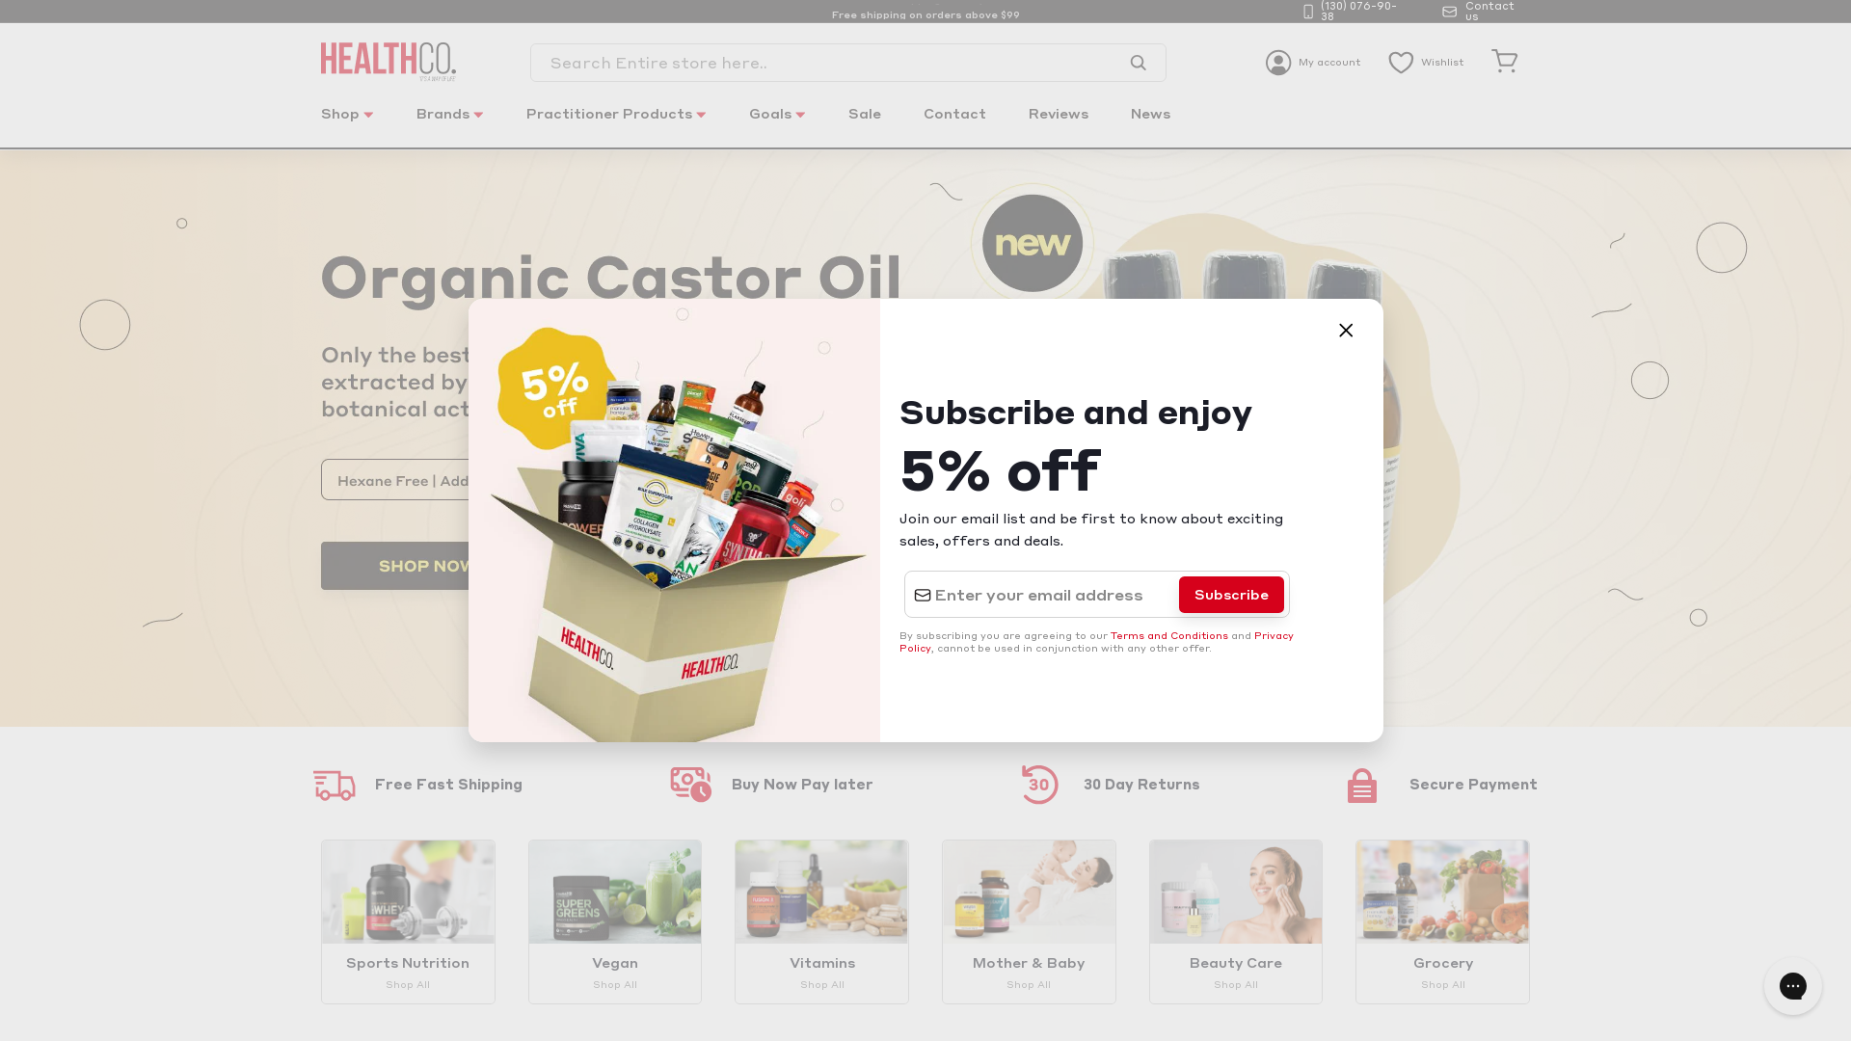  Describe the element at coordinates (1230, 594) in the screenshot. I see `'Subscribe'` at that location.